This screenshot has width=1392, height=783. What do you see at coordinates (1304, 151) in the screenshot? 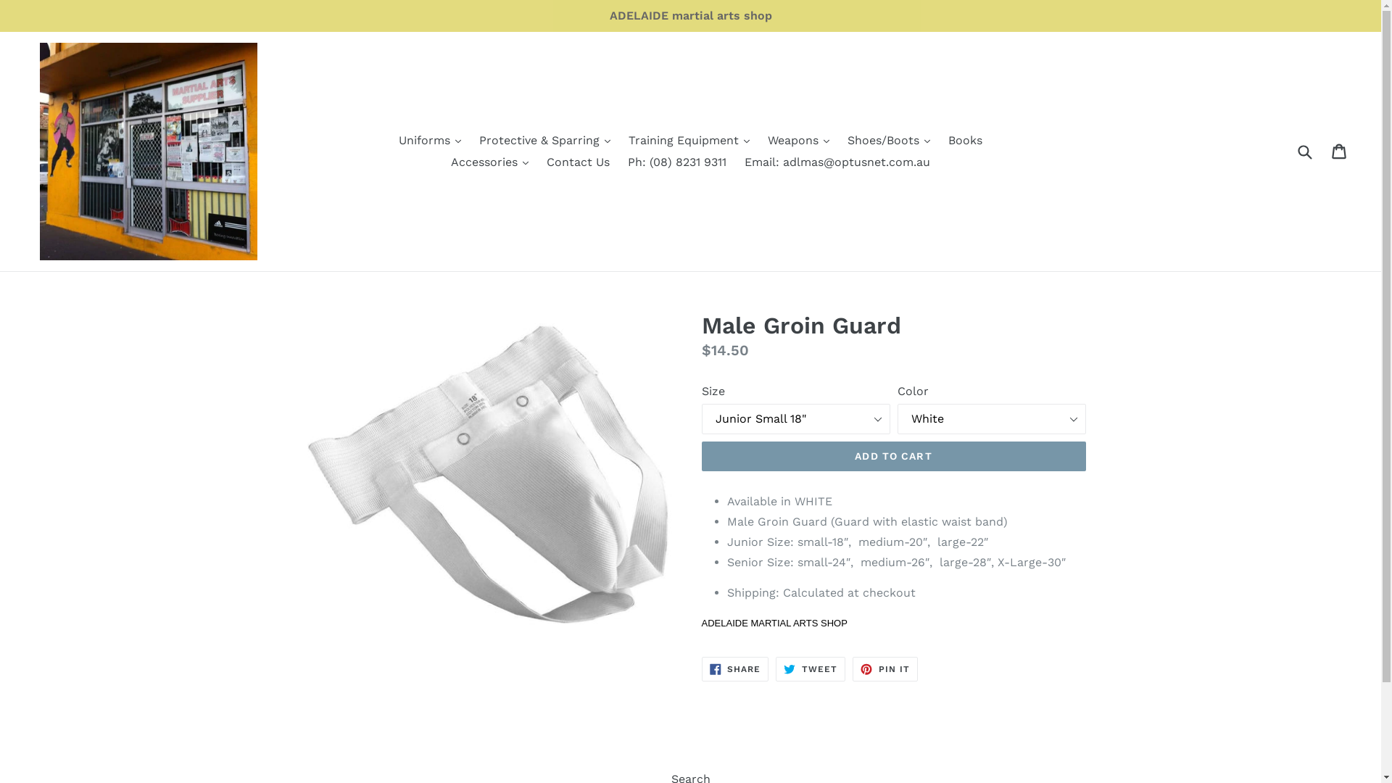
I see `'Submit'` at bounding box center [1304, 151].